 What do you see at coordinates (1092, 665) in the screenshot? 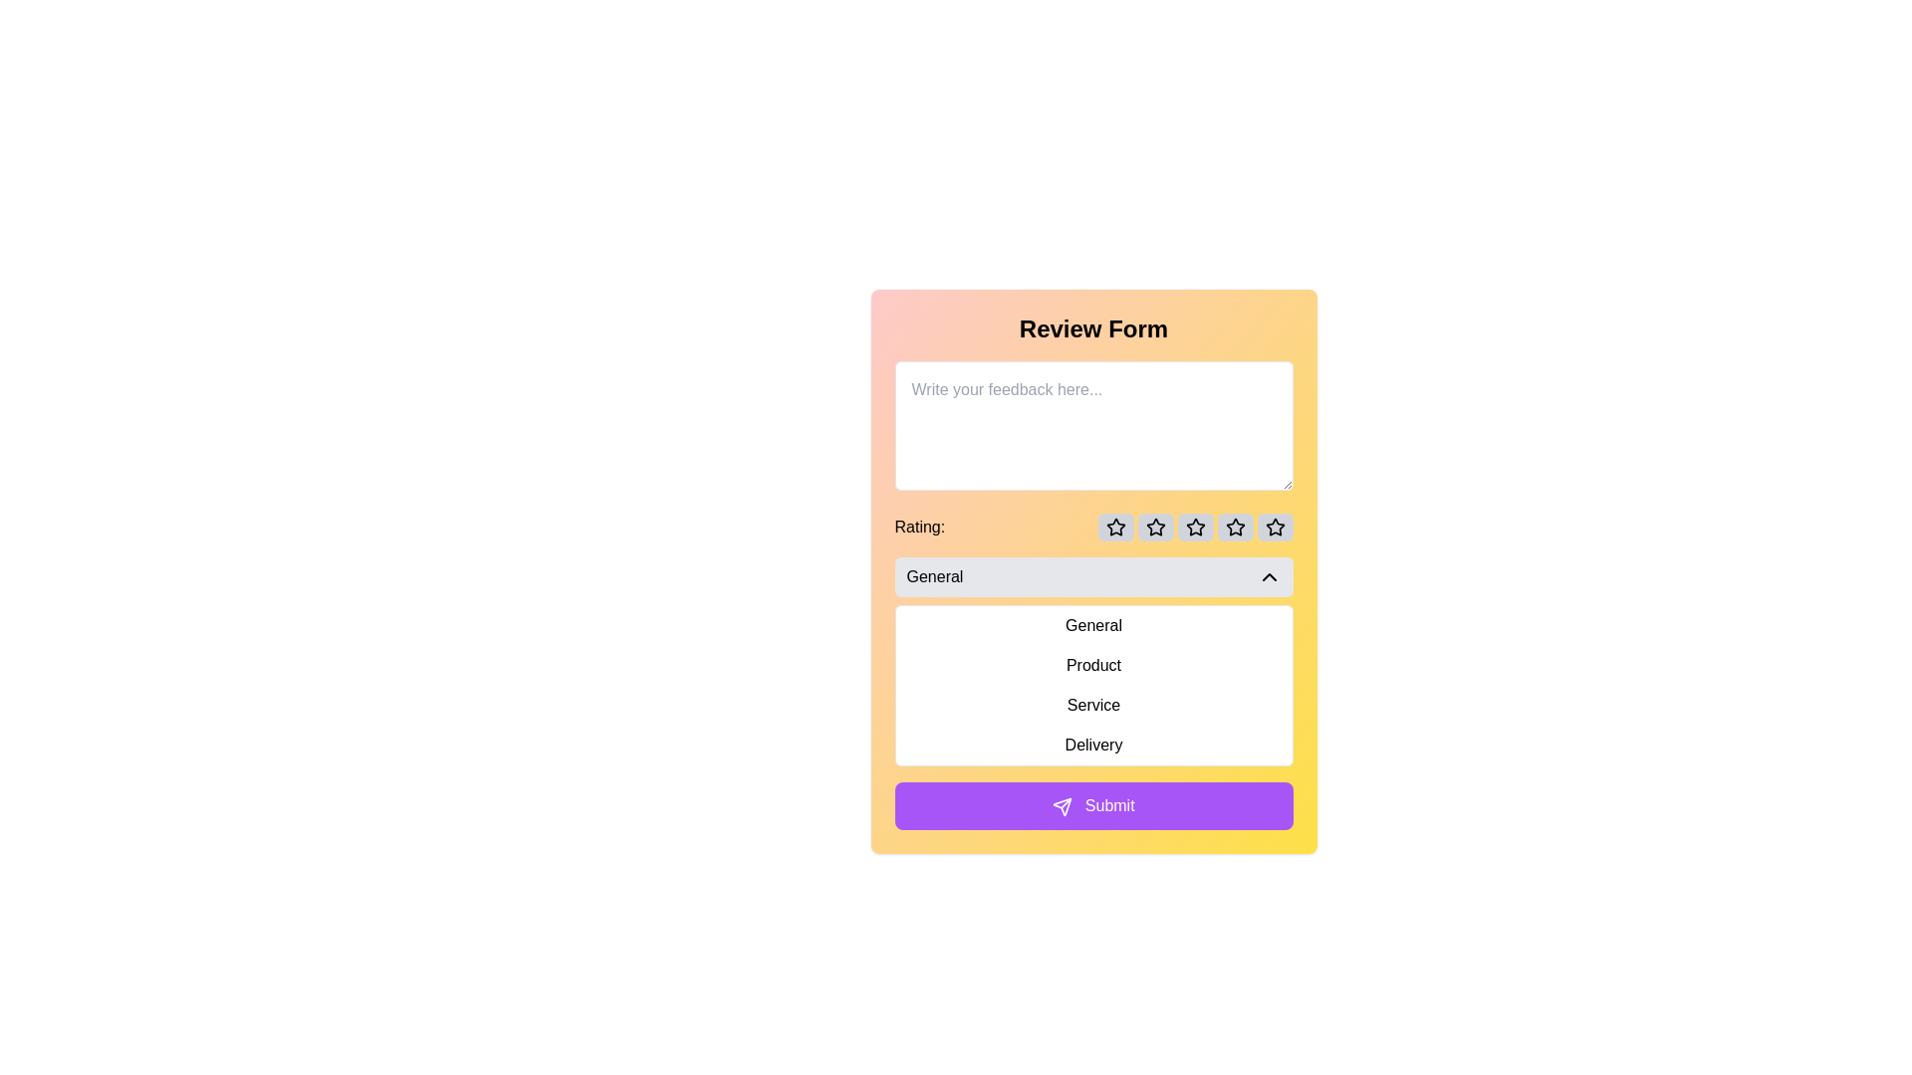
I see `the 'Product' text label, which is the second option in a dropdown list, to change its appearance` at bounding box center [1092, 665].